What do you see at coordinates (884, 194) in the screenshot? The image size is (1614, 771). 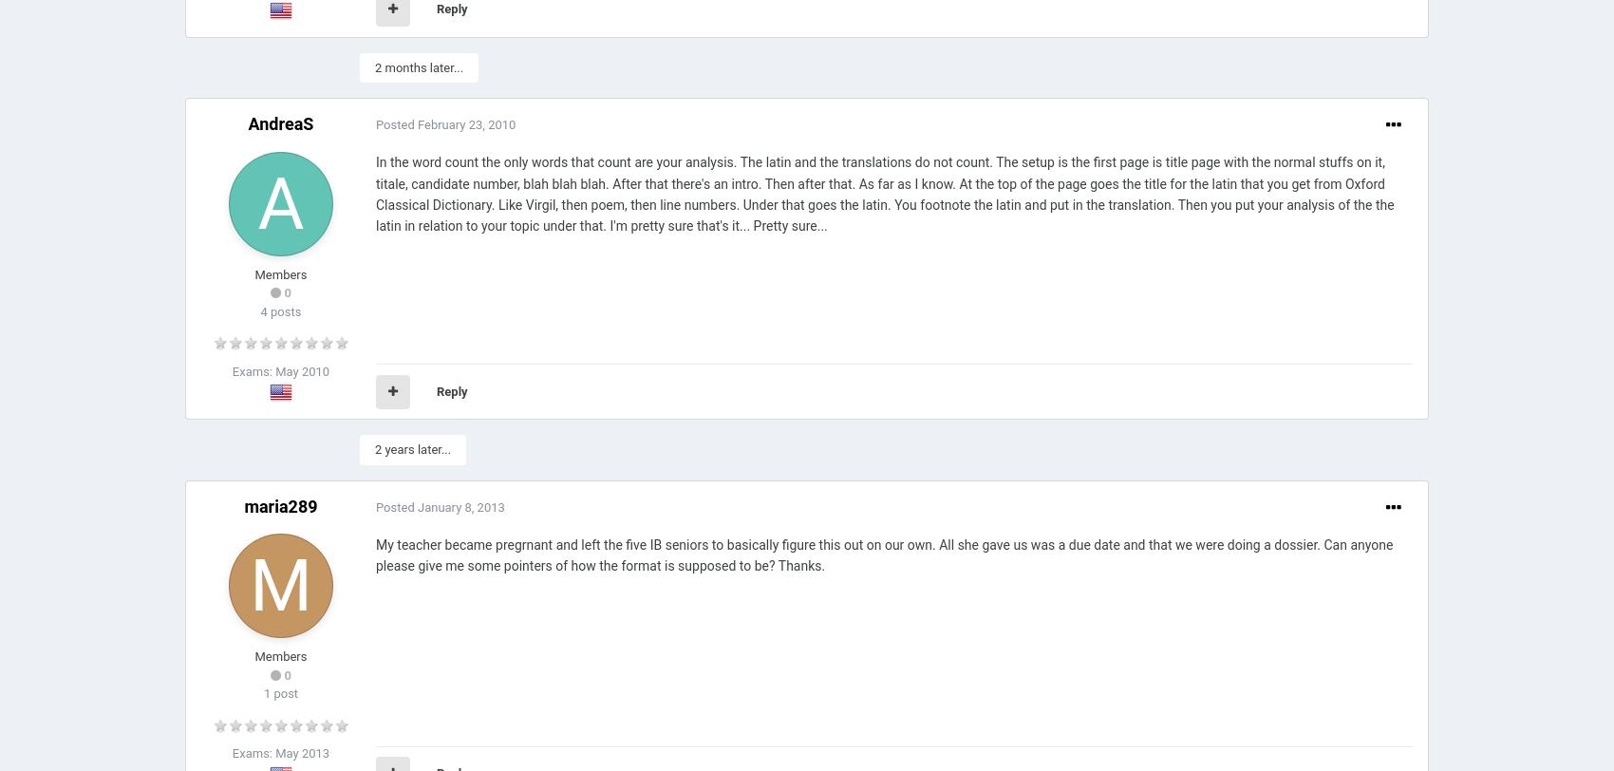 I see `'In the word count the only words that count are your analysis. The latin and the translations do not count. The setup is the first page is title page with the normal stuffs on it, titale, candidate number, blah blah blah. After that there's an intro. Then after that. As far as I know. At the top of the page goes the title for the latin that you get from Oxford Classical Dictionary. Like Virgil, then poem, then line numbers. Under that goes the latin. You footnote the latin and put in the translation. Then you put your analysis of the the latin in relation to your topic under that. I'm pretty sure that's it... Pretty sure...'` at bounding box center [884, 194].